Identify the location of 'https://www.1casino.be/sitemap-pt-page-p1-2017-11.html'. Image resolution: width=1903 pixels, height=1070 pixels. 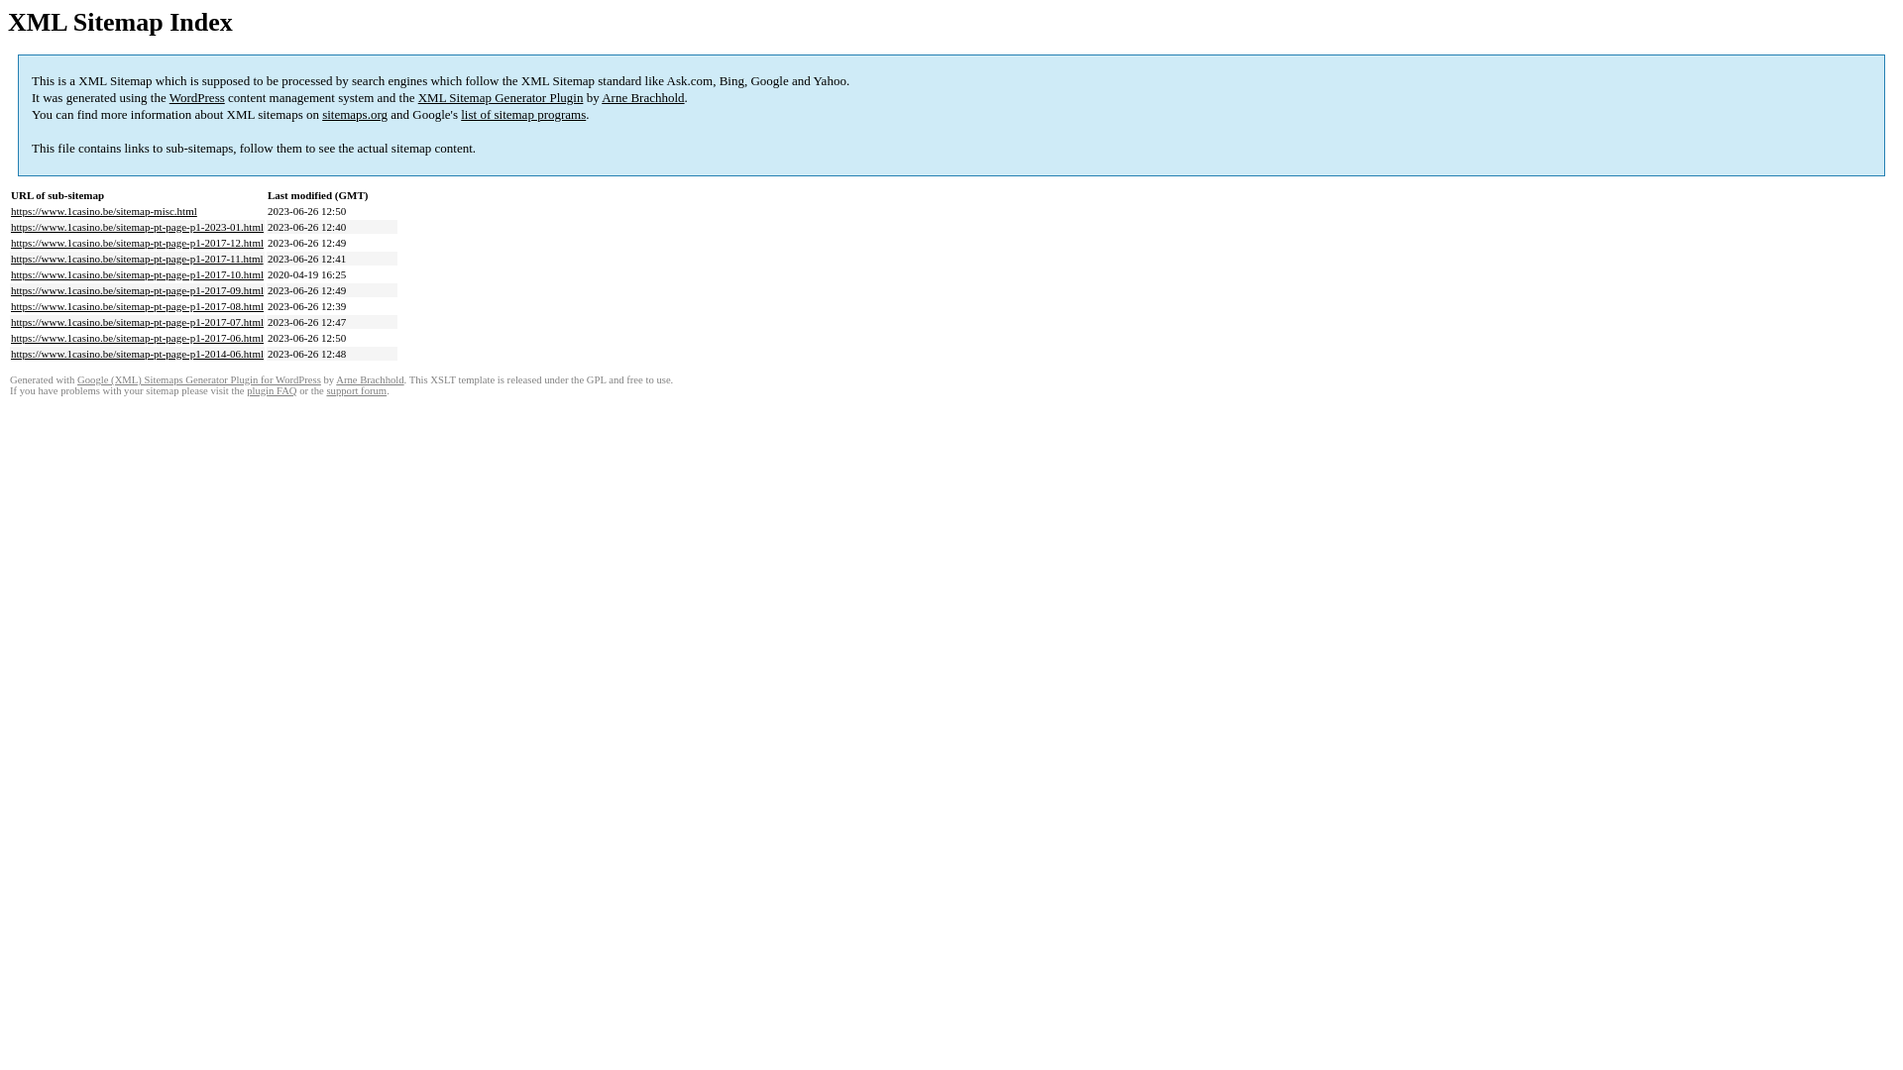
(136, 258).